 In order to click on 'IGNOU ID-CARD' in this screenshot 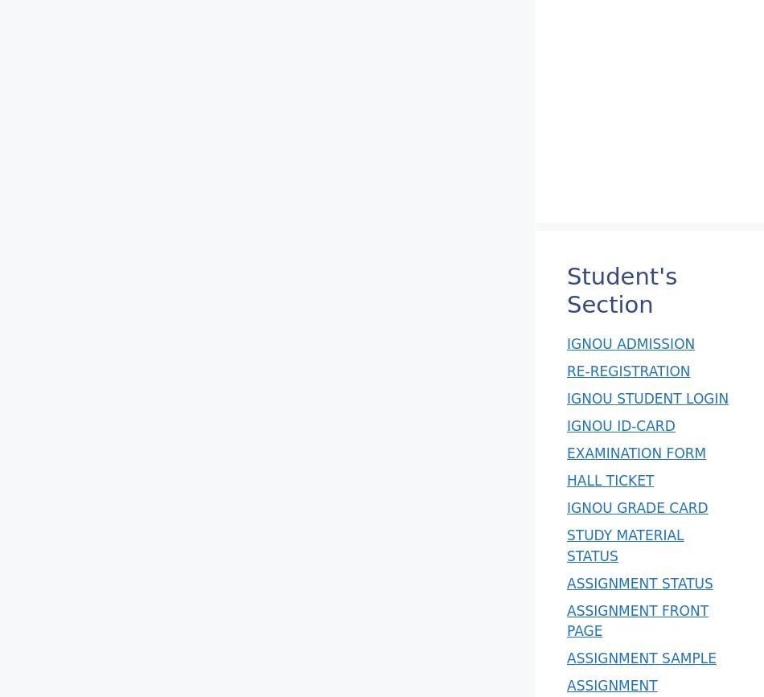, I will do `click(566, 424)`.